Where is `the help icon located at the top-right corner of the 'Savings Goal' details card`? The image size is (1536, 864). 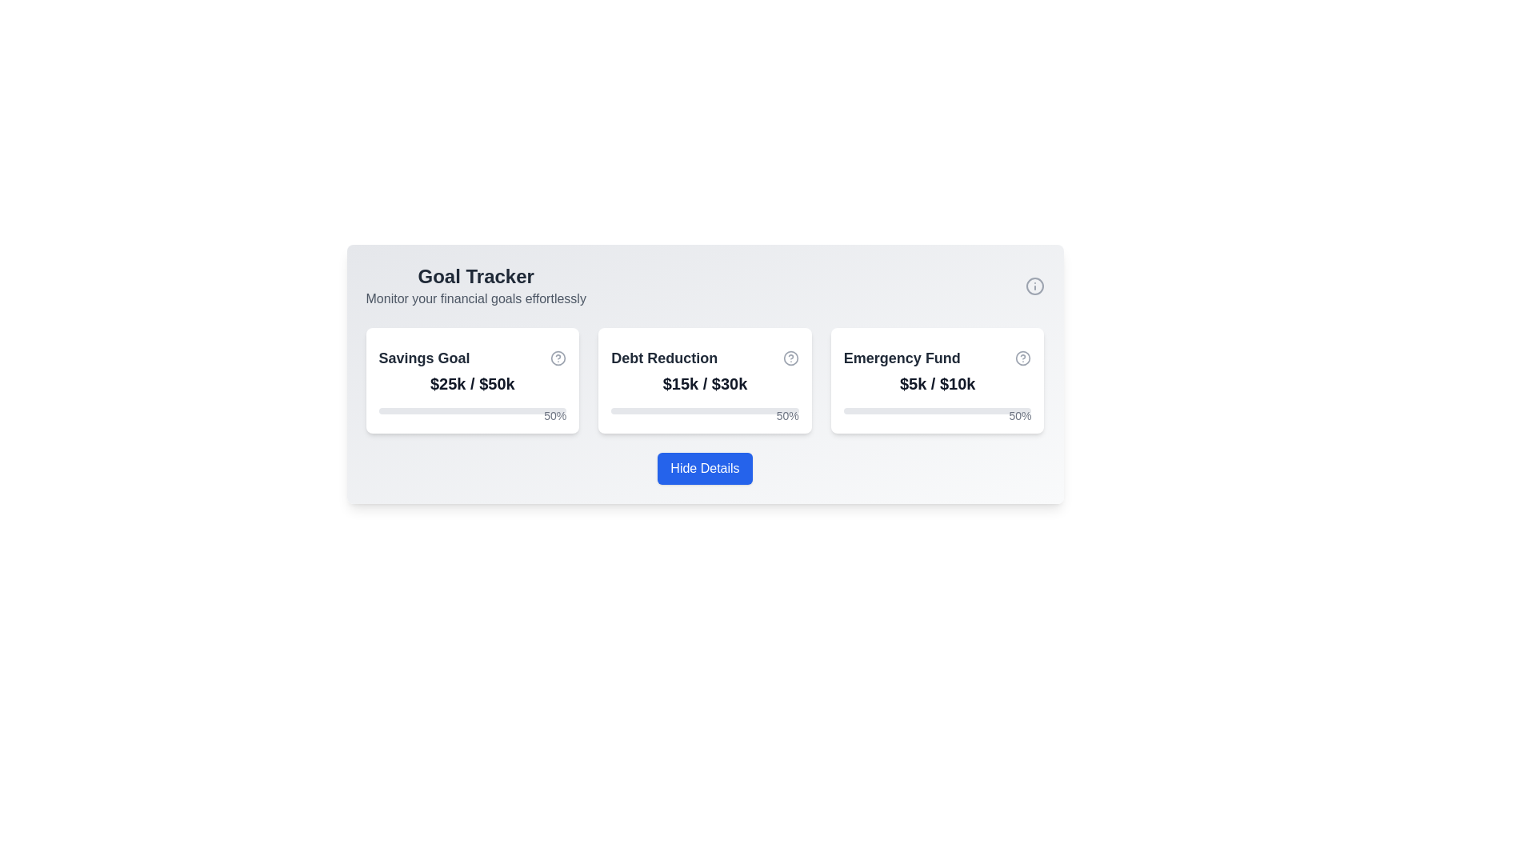 the help icon located at the top-right corner of the 'Savings Goal' details card is located at coordinates (558, 357).